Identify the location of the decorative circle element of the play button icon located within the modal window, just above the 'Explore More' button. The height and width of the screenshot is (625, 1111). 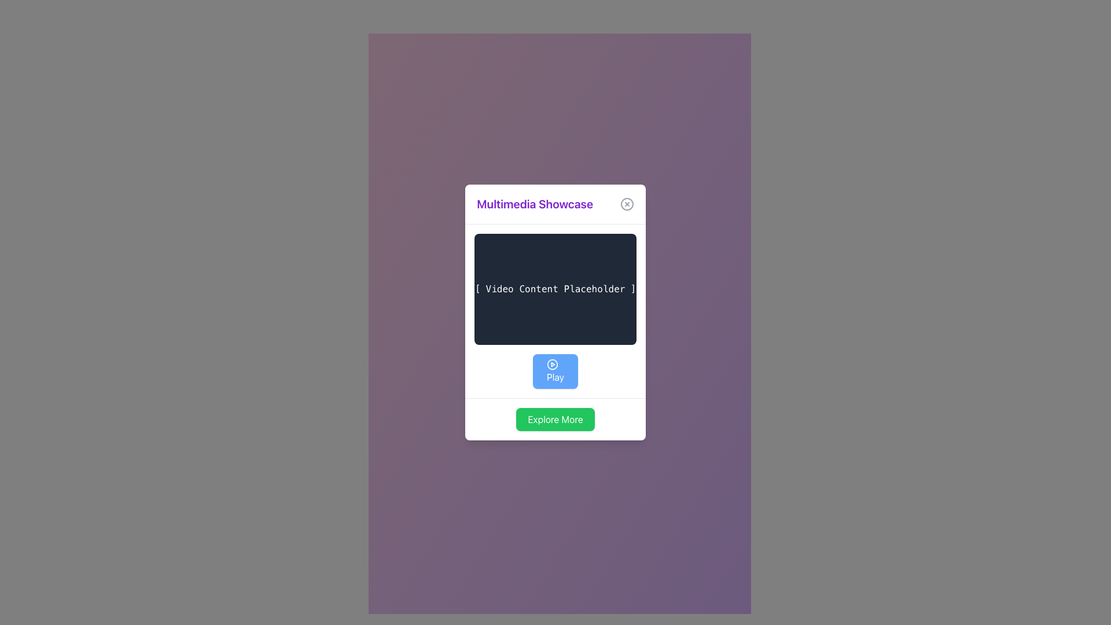
(551, 363).